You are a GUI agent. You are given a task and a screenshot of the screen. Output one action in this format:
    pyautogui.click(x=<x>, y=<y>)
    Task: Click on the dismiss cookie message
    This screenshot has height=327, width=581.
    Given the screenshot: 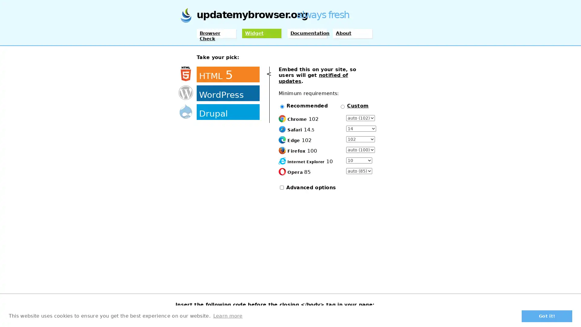 What is the action you would take?
    pyautogui.click(x=547, y=316)
    